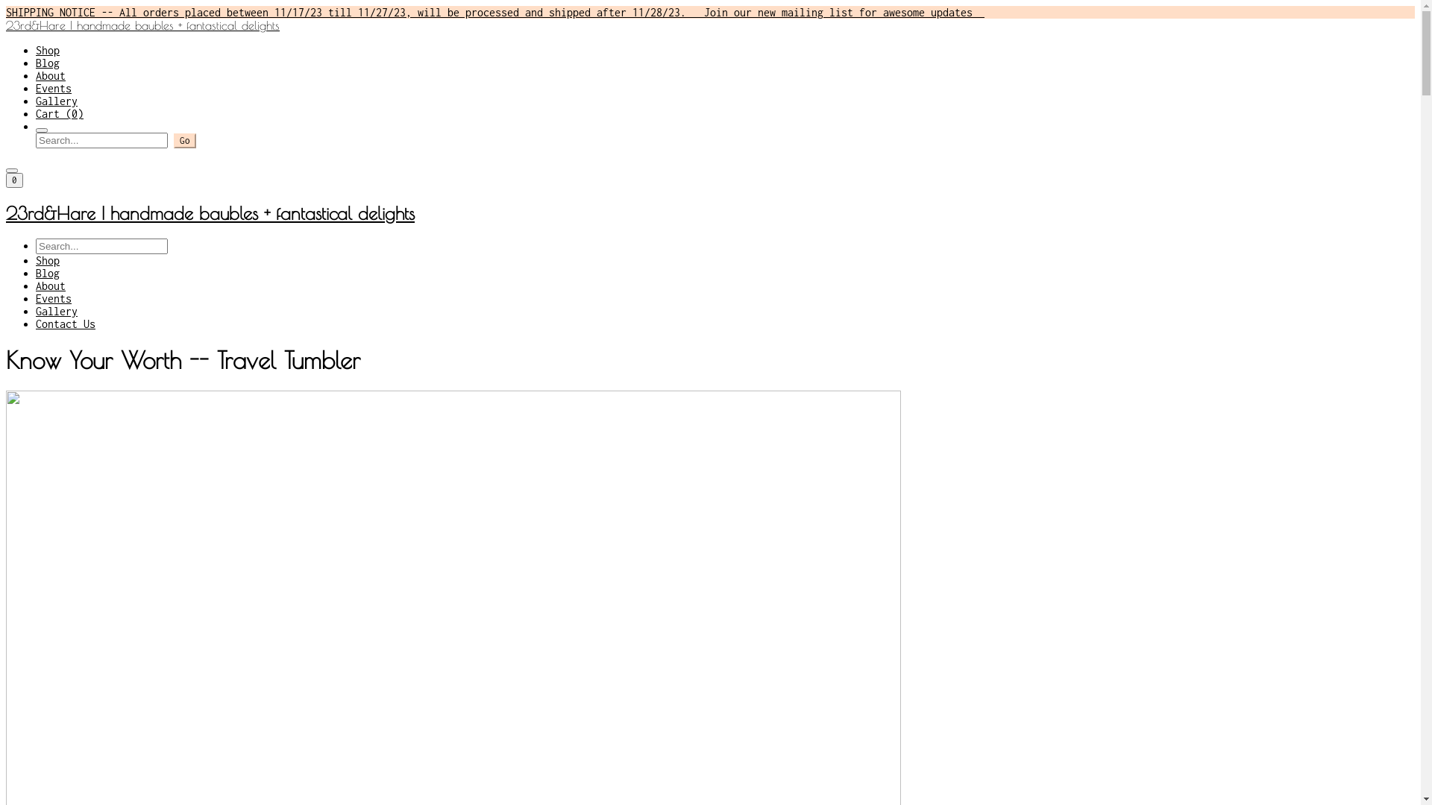  I want to click on 'Go', so click(184, 141).